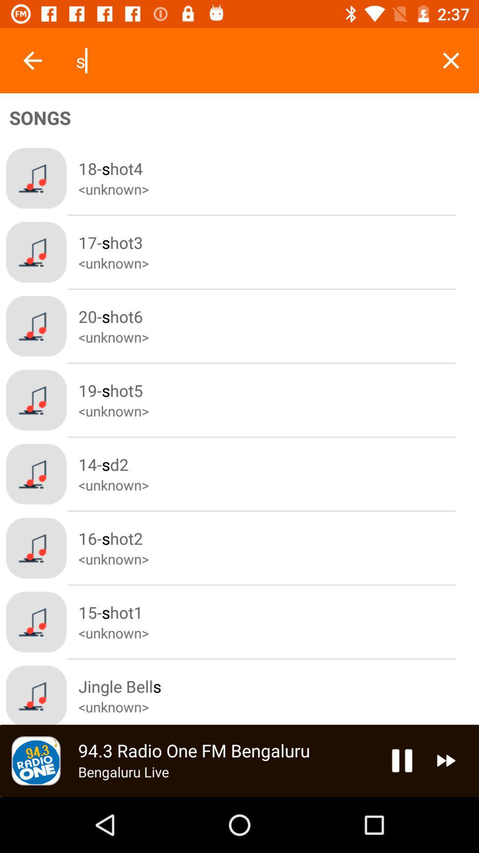 The height and width of the screenshot is (853, 479). Describe the element at coordinates (451, 60) in the screenshot. I see `the item at the top right corner` at that location.